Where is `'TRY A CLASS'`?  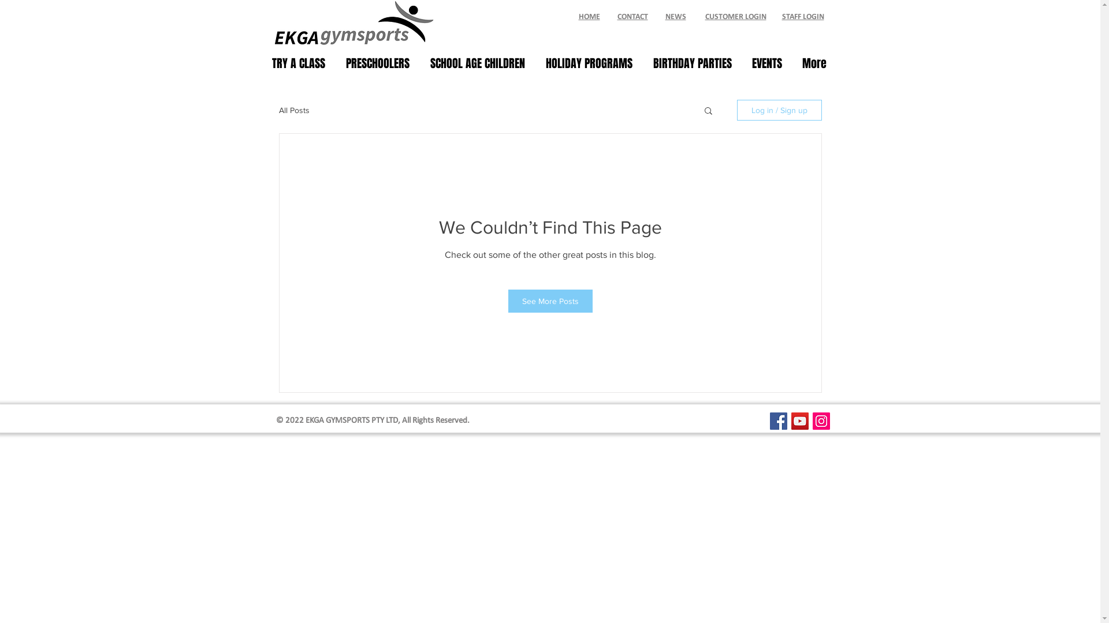
'TRY A CLASS' is located at coordinates (300, 63).